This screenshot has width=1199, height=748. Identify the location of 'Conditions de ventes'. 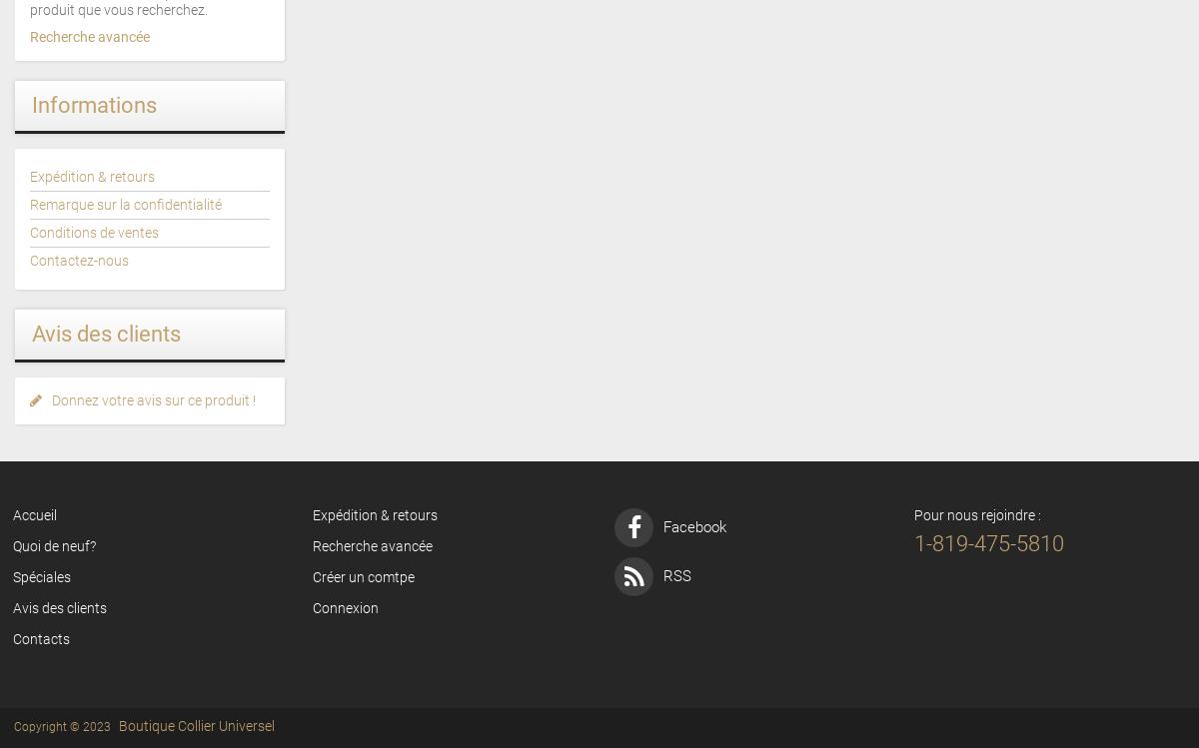
(94, 233).